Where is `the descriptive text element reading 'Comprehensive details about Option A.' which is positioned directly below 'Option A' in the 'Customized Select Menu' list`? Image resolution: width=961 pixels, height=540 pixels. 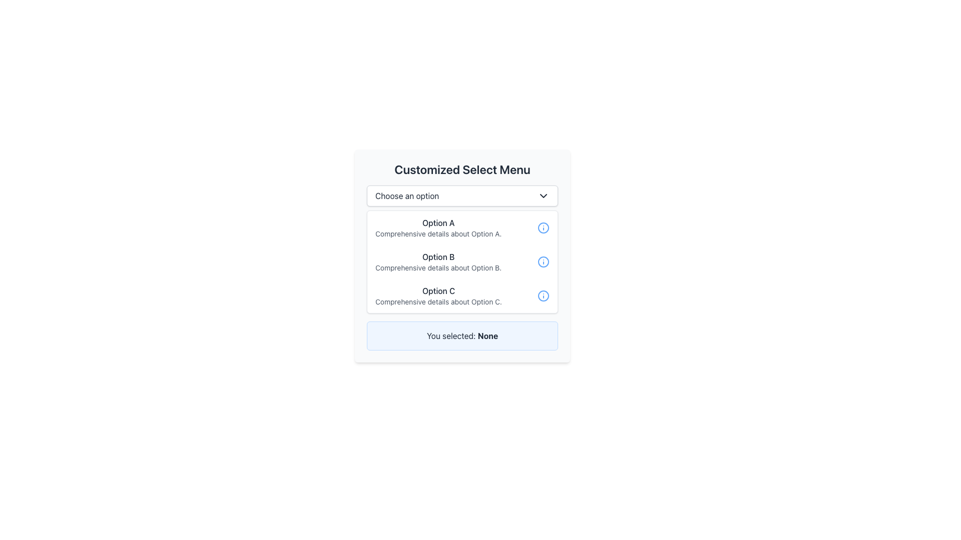
the descriptive text element reading 'Comprehensive details about Option A.' which is positioned directly below 'Option A' in the 'Customized Select Menu' list is located at coordinates (438, 233).